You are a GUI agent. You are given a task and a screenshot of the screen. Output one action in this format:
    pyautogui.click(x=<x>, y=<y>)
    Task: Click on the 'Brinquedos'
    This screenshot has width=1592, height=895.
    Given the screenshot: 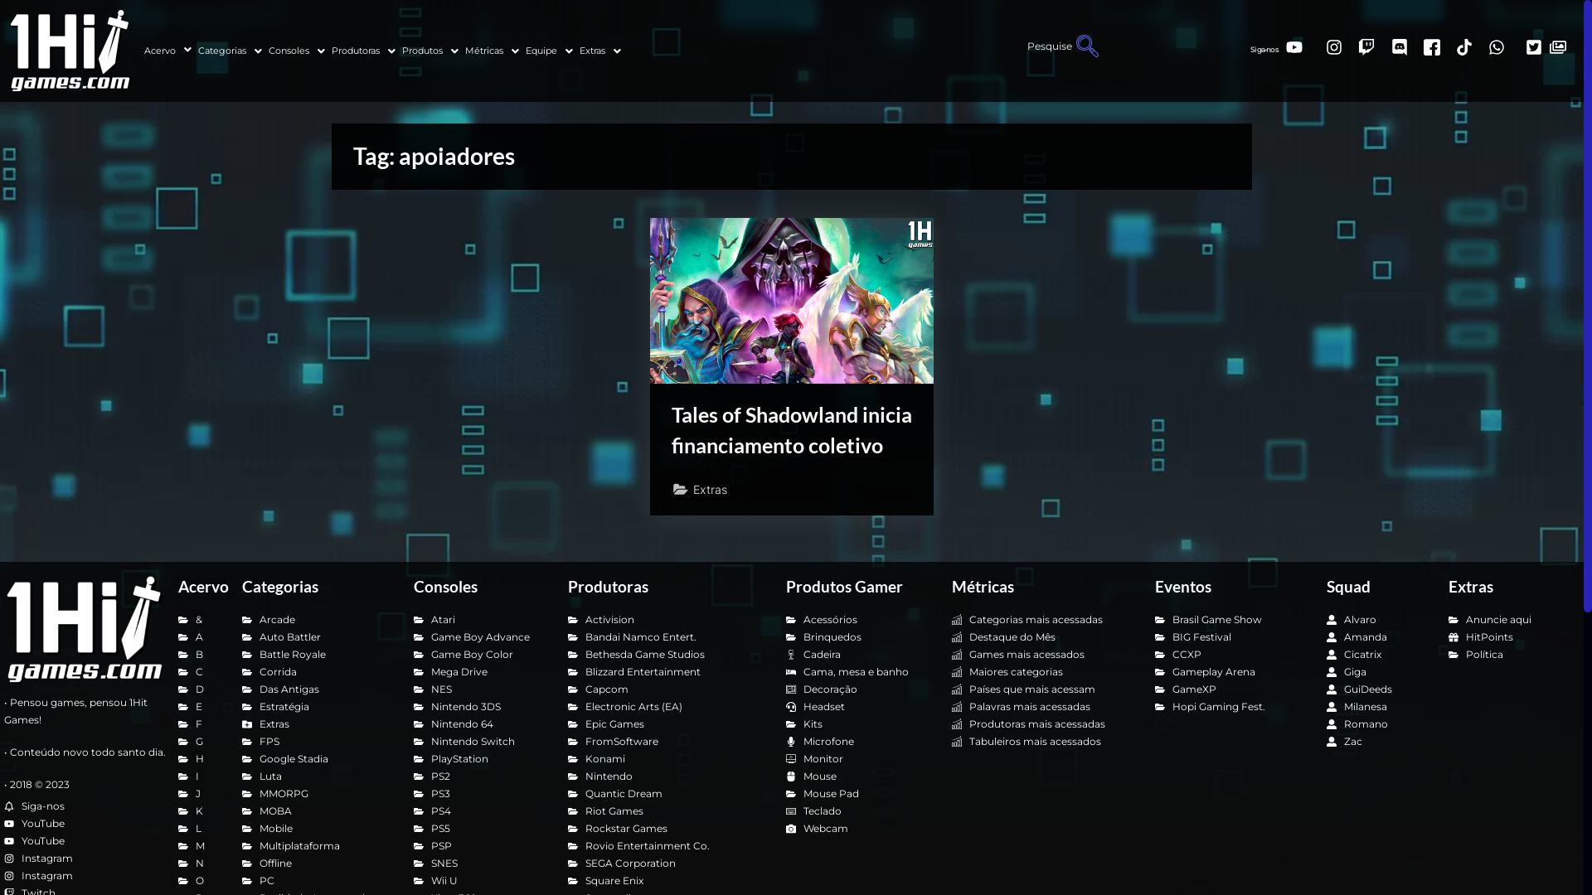 What is the action you would take?
    pyautogui.click(x=861, y=636)
    